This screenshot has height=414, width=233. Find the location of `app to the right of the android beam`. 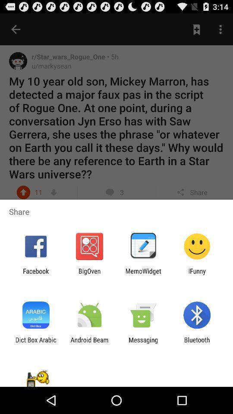

app to the right of the android beam is located at coordinates (143, 343).